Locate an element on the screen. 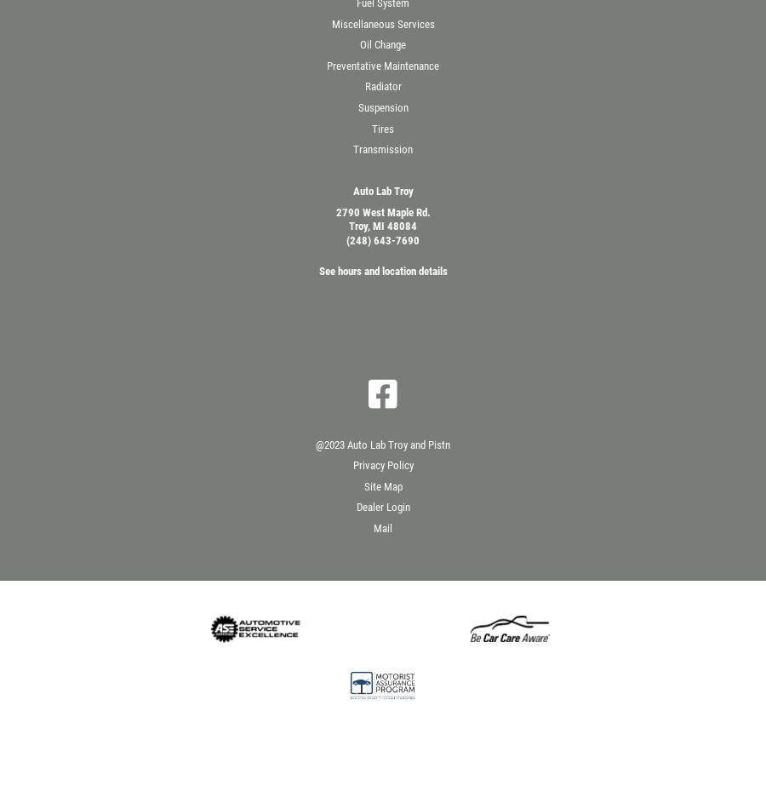 This screenshot has height=786, width=766. '2790 West Maple Rd.' is located at coordinates (335, 211).